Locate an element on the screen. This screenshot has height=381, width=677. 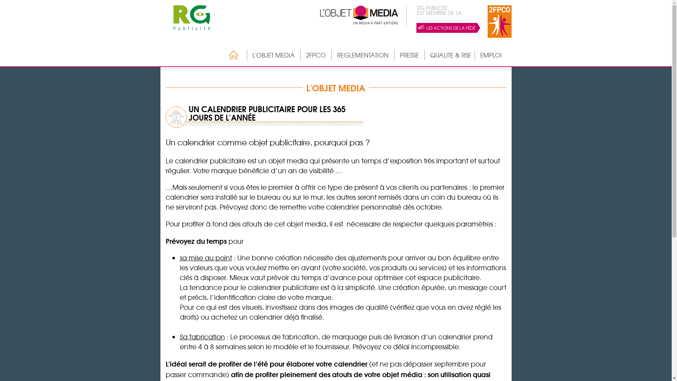
'Accueil' is located at coordinates (221, 54).